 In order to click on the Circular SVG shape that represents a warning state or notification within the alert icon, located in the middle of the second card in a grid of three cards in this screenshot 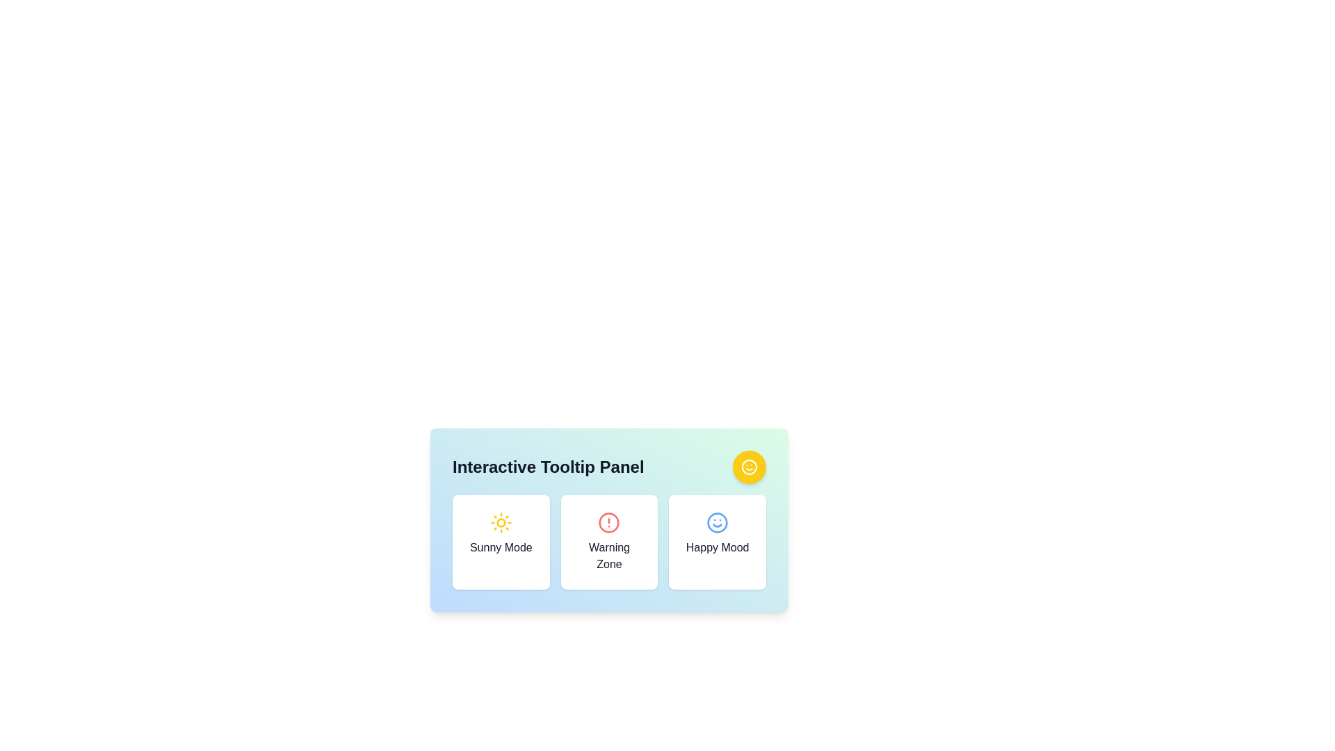, I will do `click(609, 523)`.